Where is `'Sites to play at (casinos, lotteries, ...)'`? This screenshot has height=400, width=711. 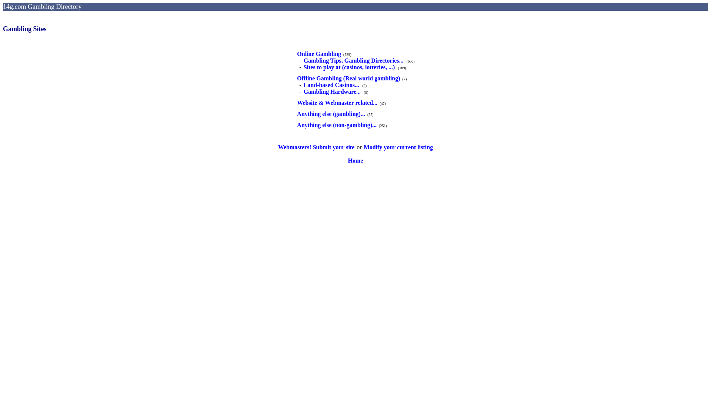 'Sites to play at (casinos, lotteries, ...)' is located at coordinates (349, 67).